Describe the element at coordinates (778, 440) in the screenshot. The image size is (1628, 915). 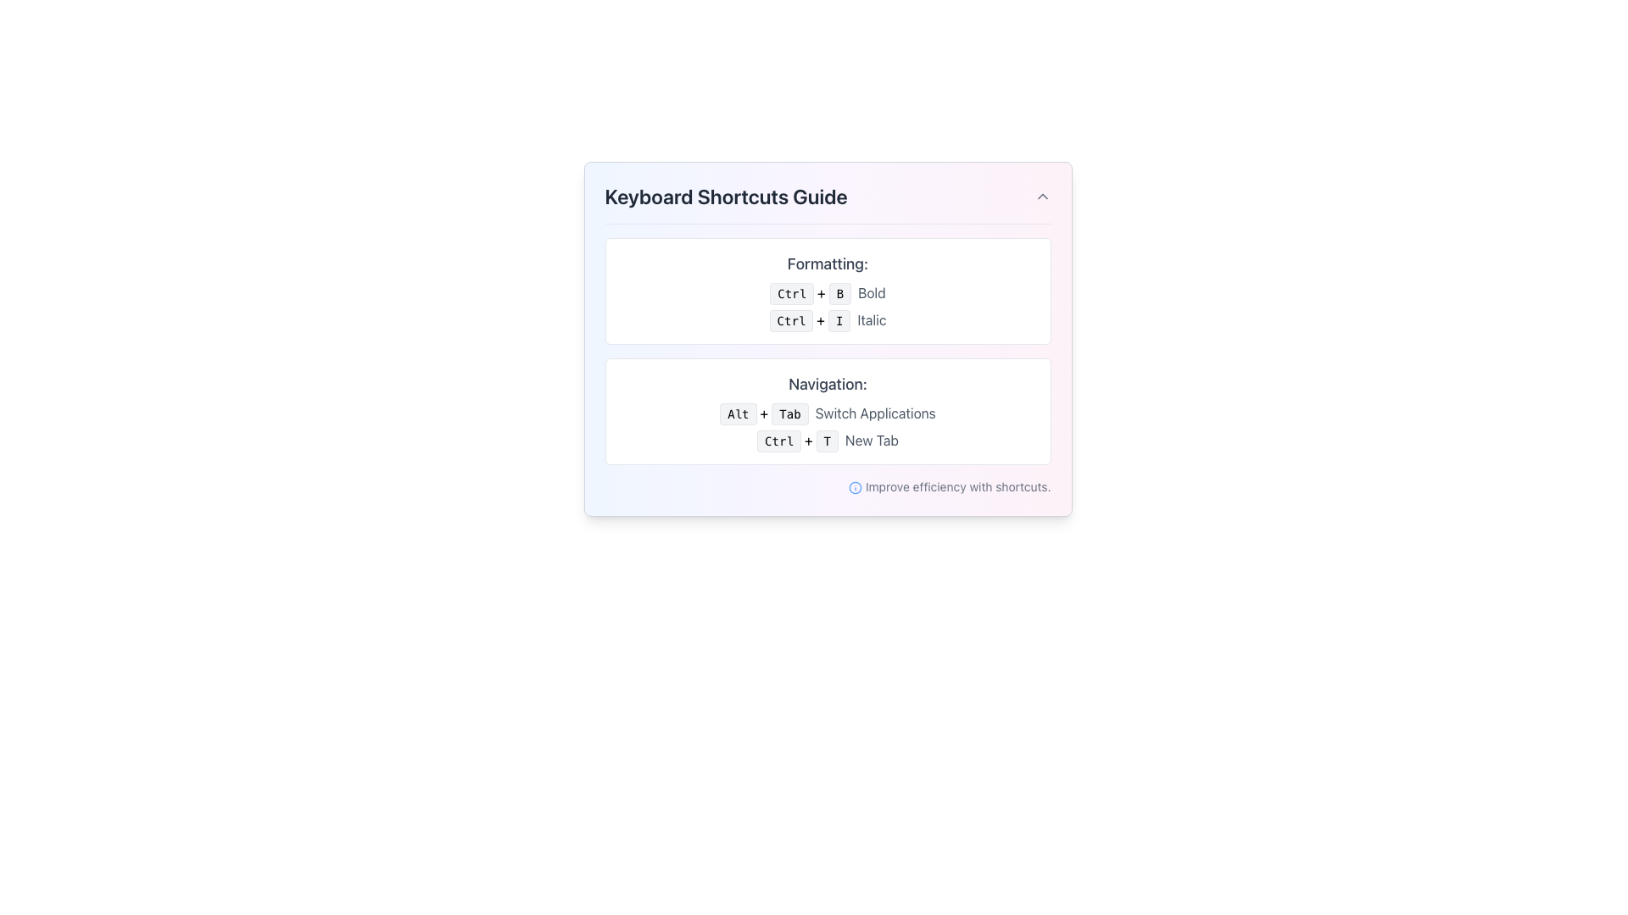
I see `the 'Ctrl' text label in the 'Keyboard Shortcuts Guide' under the 'Navigation' section` at that location.